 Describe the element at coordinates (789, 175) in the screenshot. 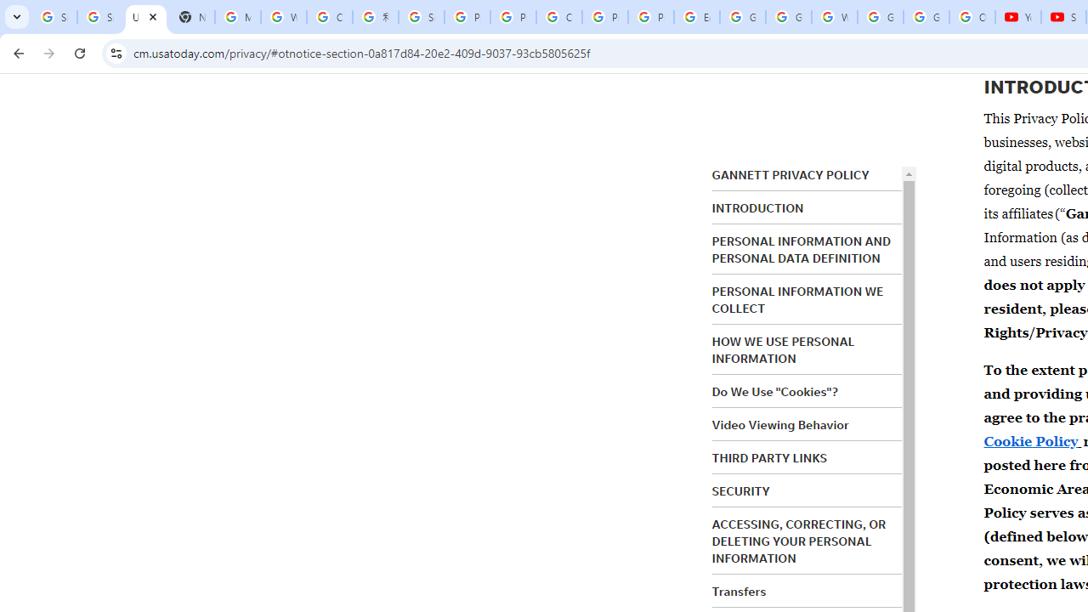

I see `'GANNETT PRIVACY POLICY'` at that location.